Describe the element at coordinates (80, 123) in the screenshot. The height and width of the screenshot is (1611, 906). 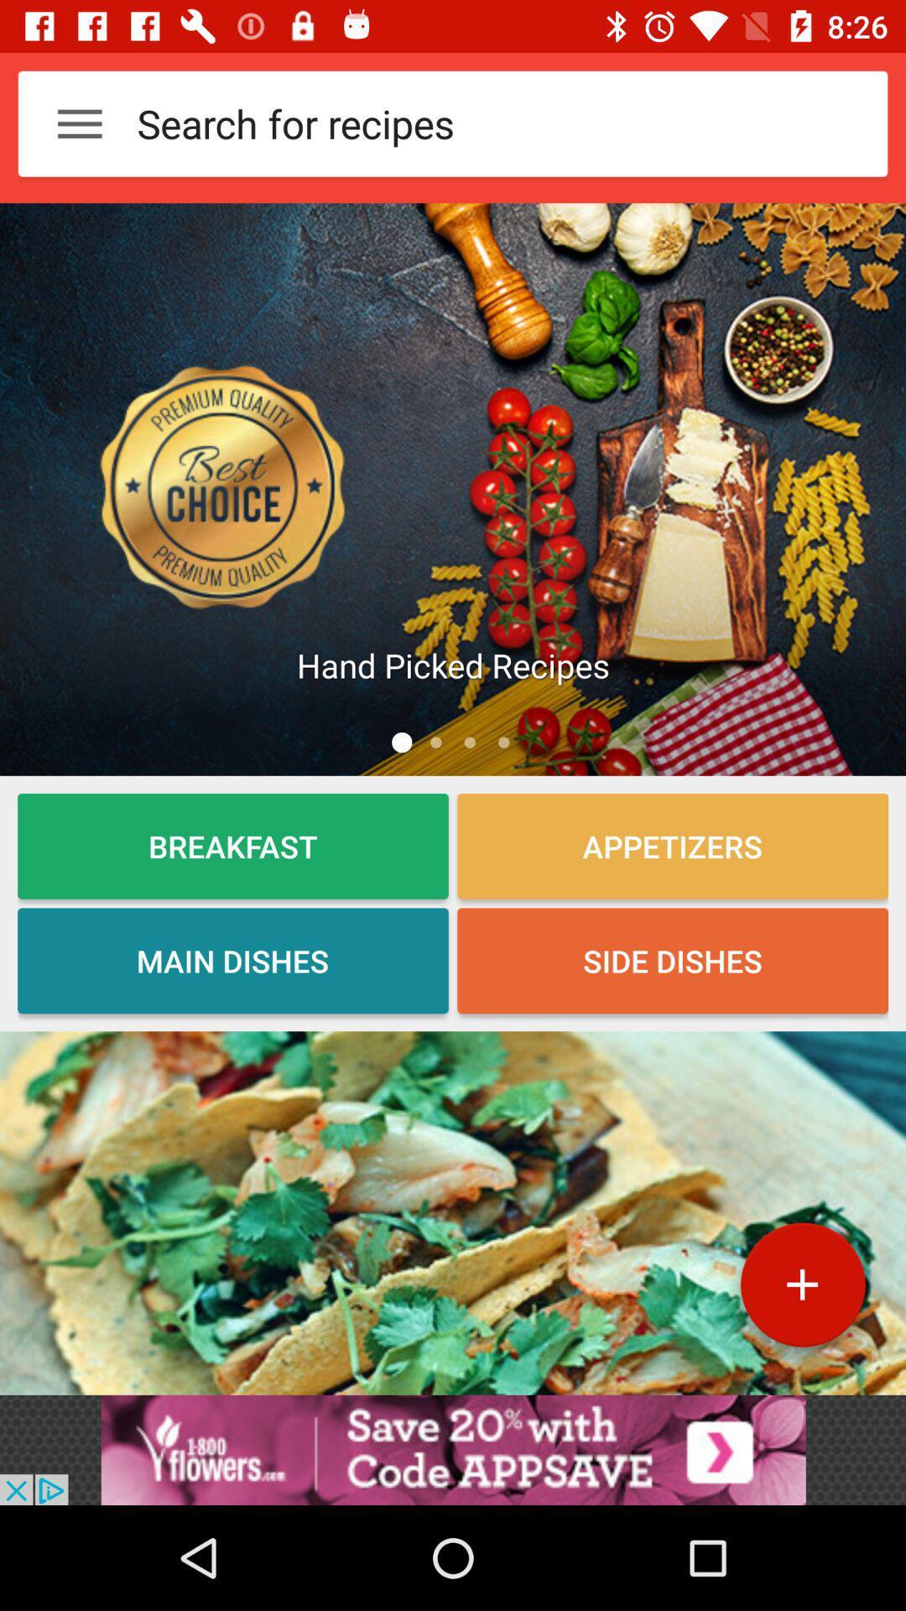
I see `the 3 horizontal lines at the top left corner of the web page` at that location.